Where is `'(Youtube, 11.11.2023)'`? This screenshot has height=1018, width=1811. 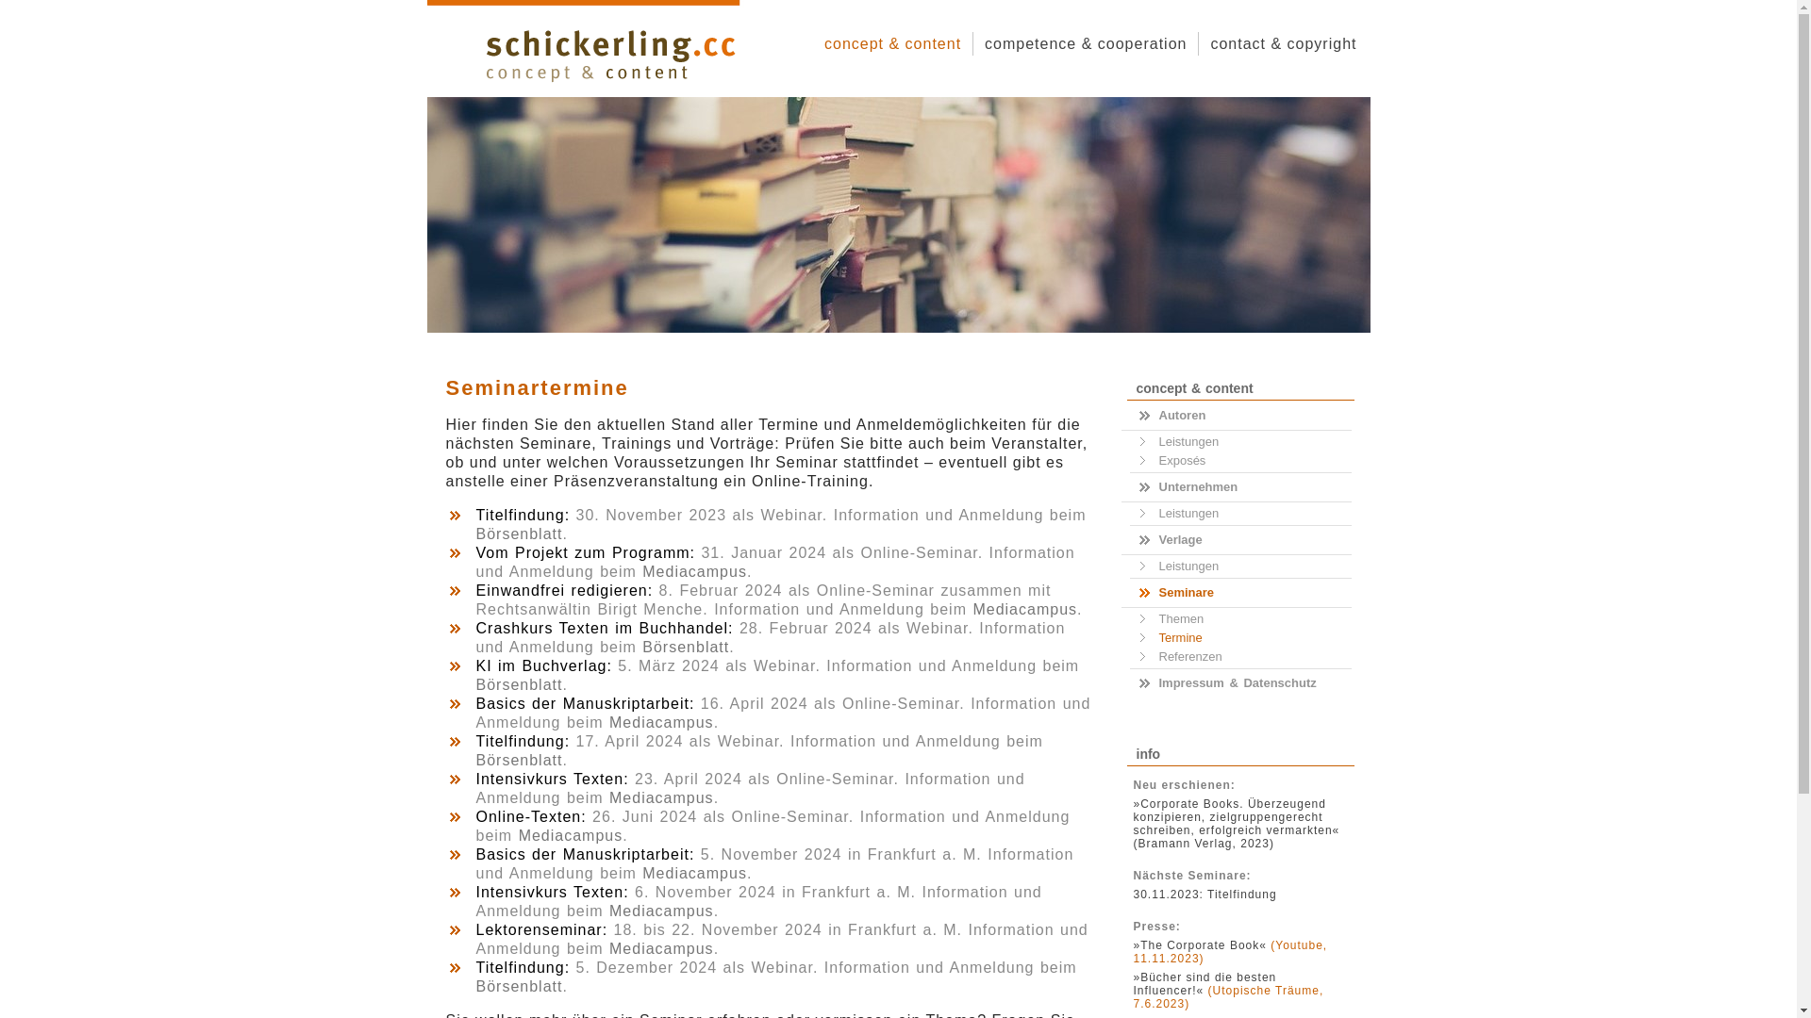
'(Youtube, 11.11.2023)' is located at coordinates (1231, 952).